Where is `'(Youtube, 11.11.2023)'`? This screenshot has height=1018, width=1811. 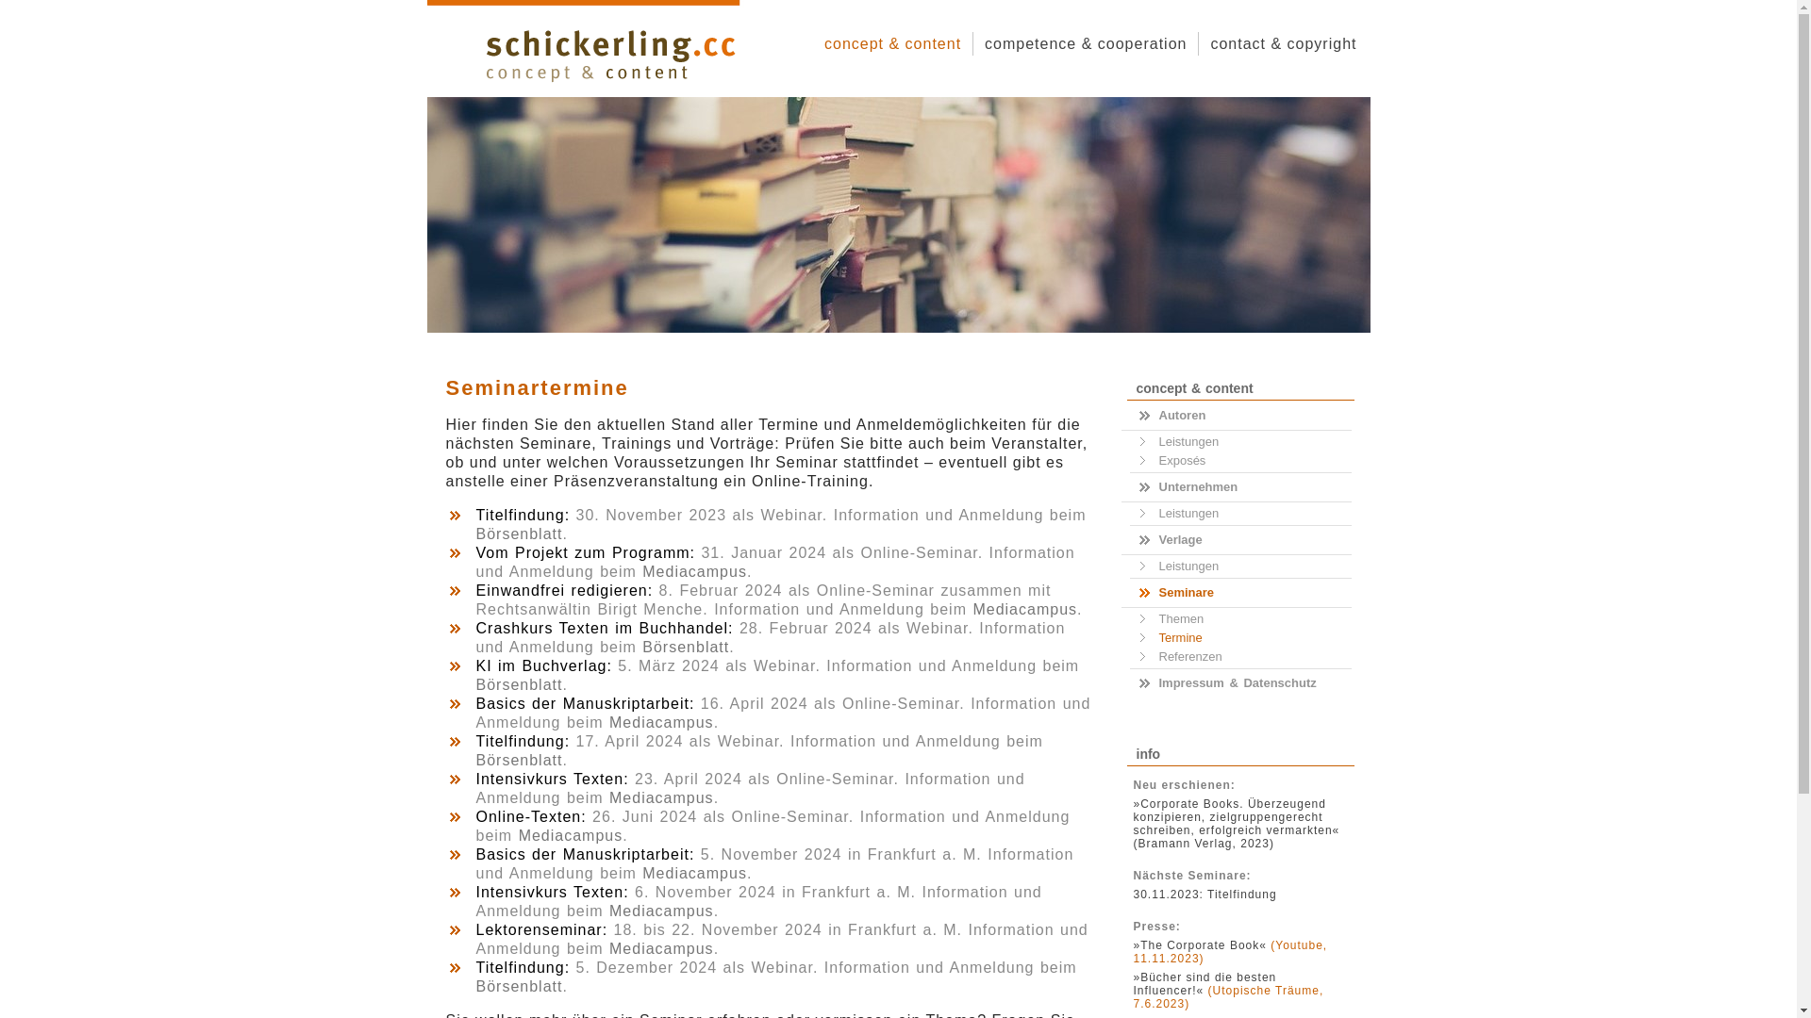
'(Youtube, 11.11.2023)' is located at coordinates (1231, 952).